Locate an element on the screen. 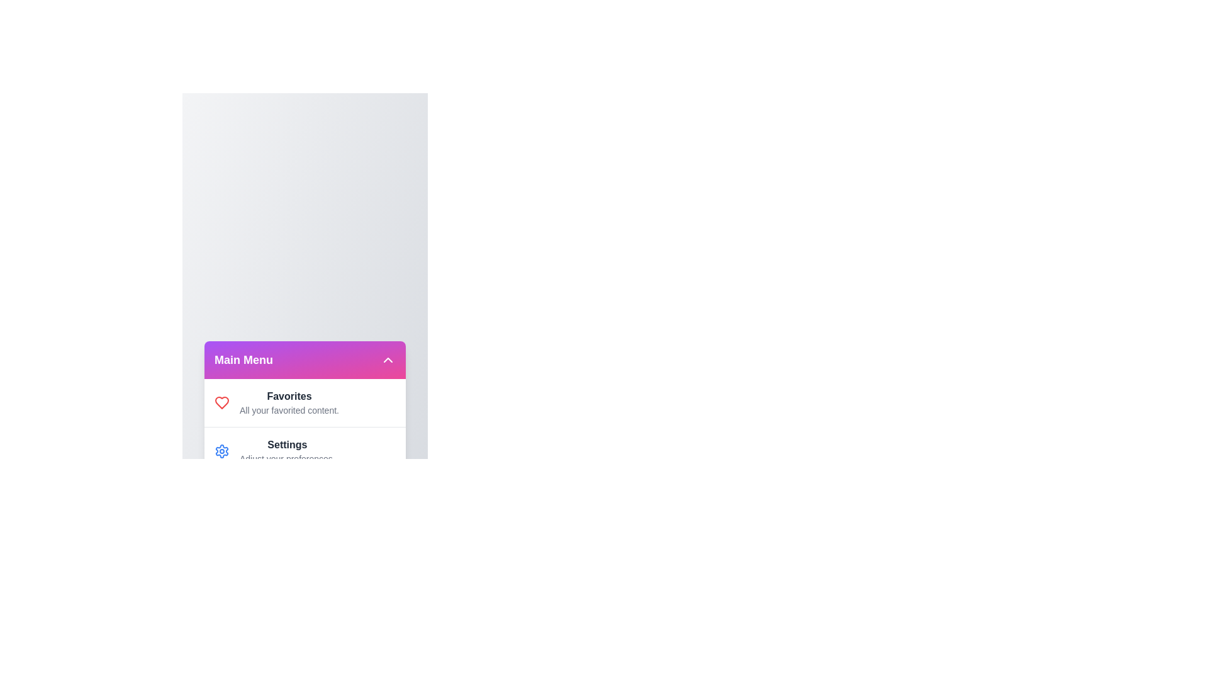 This screenshot has height=680, width=1208. the menu item Settings from the menu is located at coordinates (222, 450).